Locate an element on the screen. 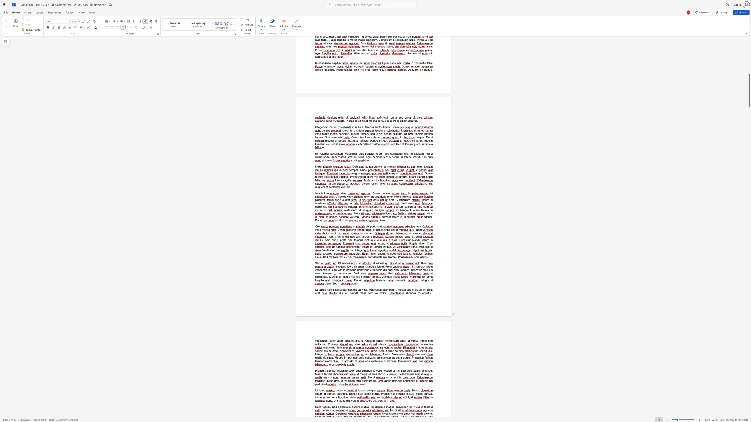 This screenshot has width=751, height=422. the 2th character "i" in the text is located at coordinates (351, 239).